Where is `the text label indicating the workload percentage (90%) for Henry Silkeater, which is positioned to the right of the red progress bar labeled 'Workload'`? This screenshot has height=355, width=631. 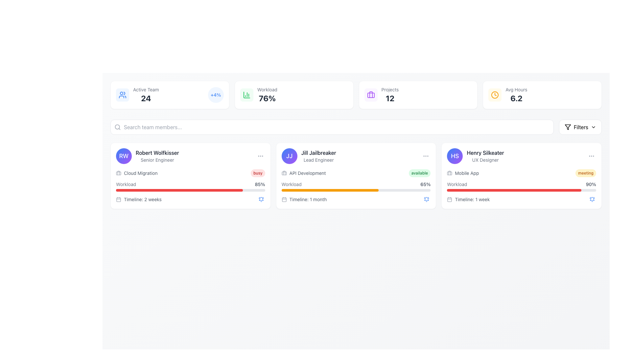 the text label indicating the workload percentage (90%) for Henry Silkeater, which is positioned to the right of the red progress bar labeled 'Workload' is located at coordinates (591, 184).